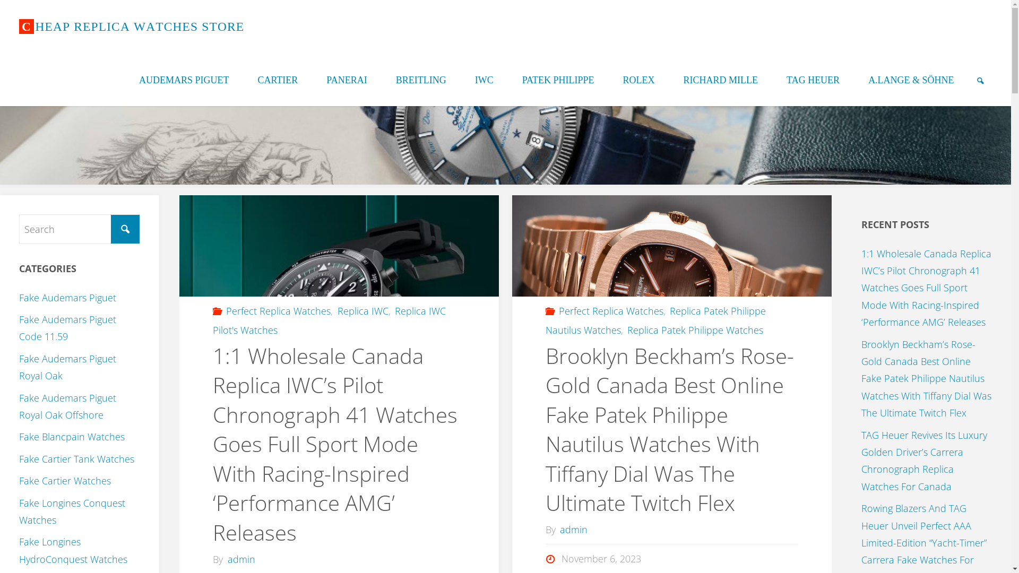 Image resolution: width=1019 pixels, height=573 pixels. I want to click on 'Replica IWC', so click(335, 310).